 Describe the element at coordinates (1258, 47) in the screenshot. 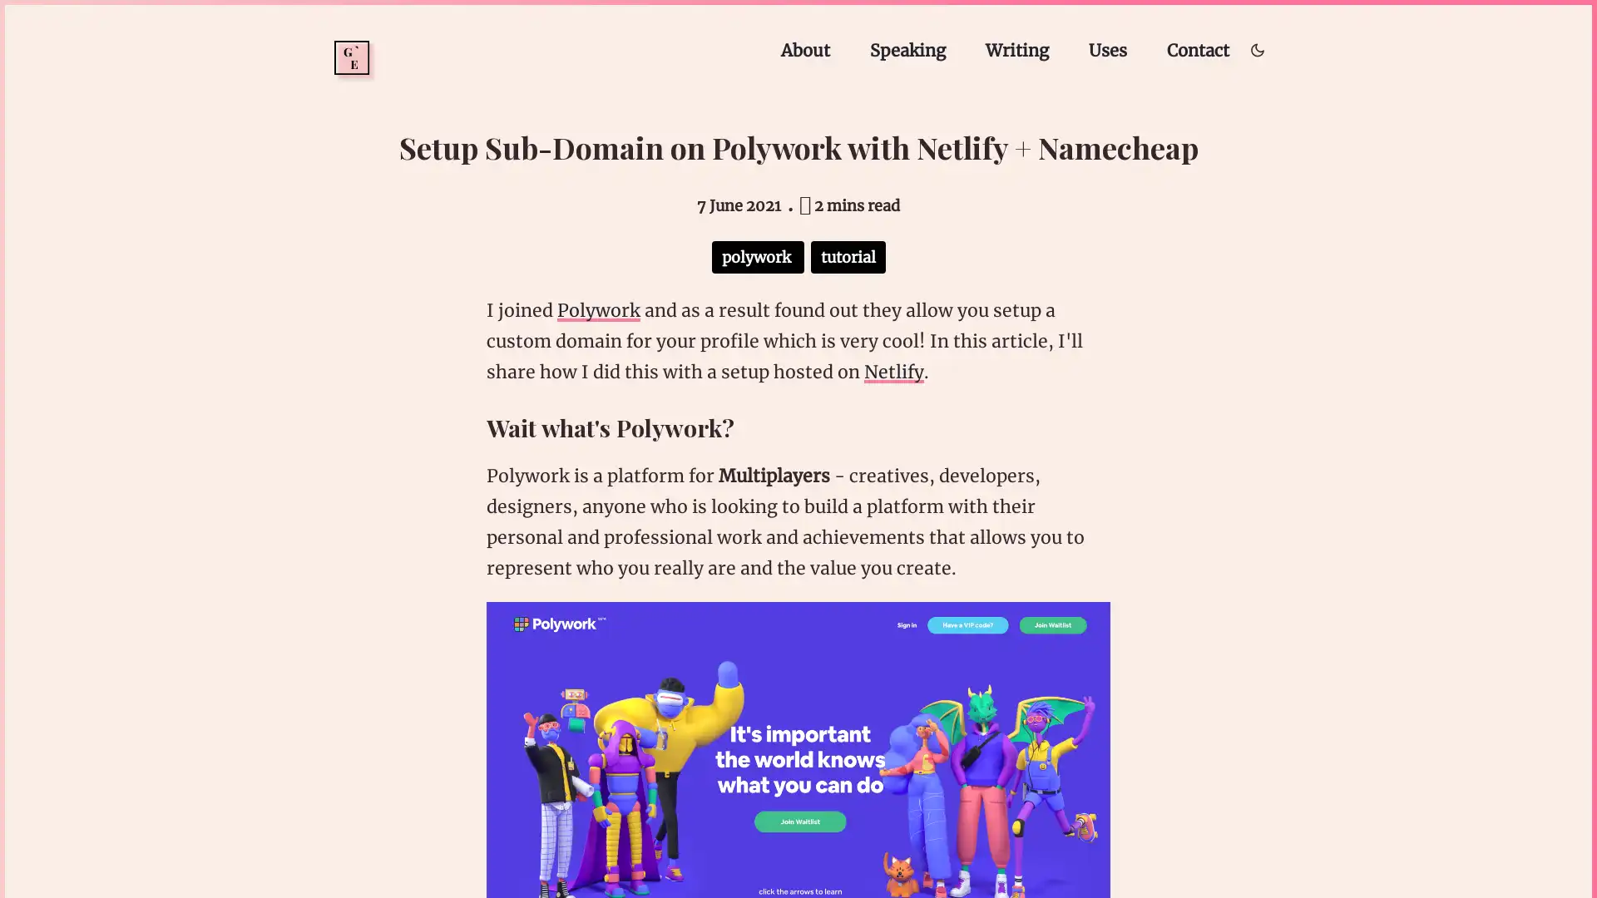

I see `Toggle dark/light` at that location.